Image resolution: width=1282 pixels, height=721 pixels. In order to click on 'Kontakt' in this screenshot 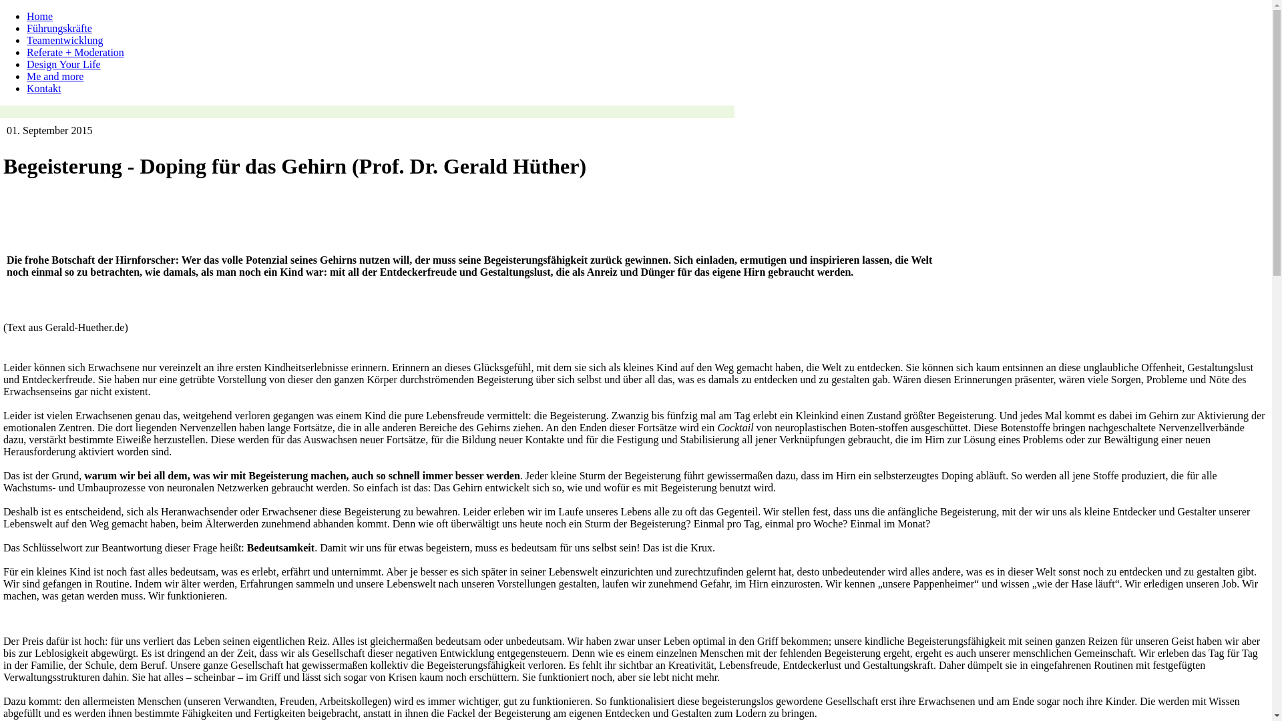, I will do `click(44, 88)`.